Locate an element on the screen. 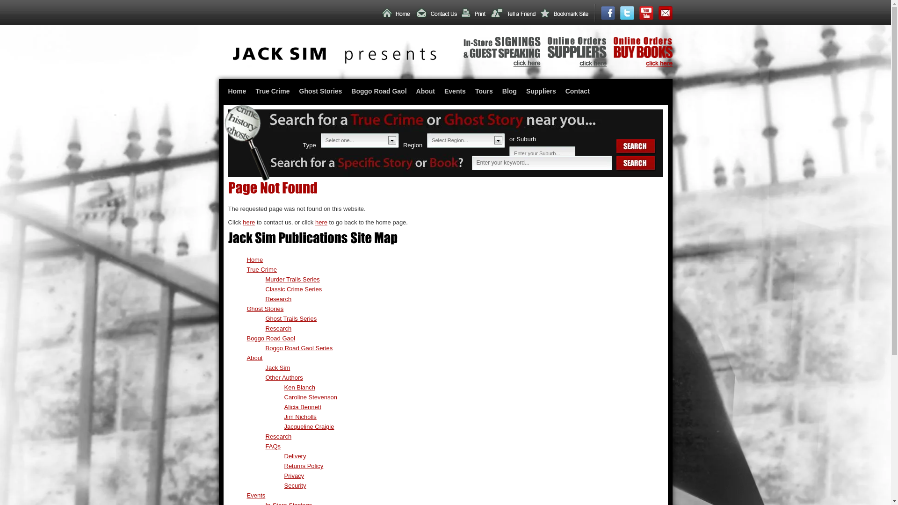 The width and height of the screenshot is (898, 505). 'Returns Policy' is located at coordinates (304, 466).